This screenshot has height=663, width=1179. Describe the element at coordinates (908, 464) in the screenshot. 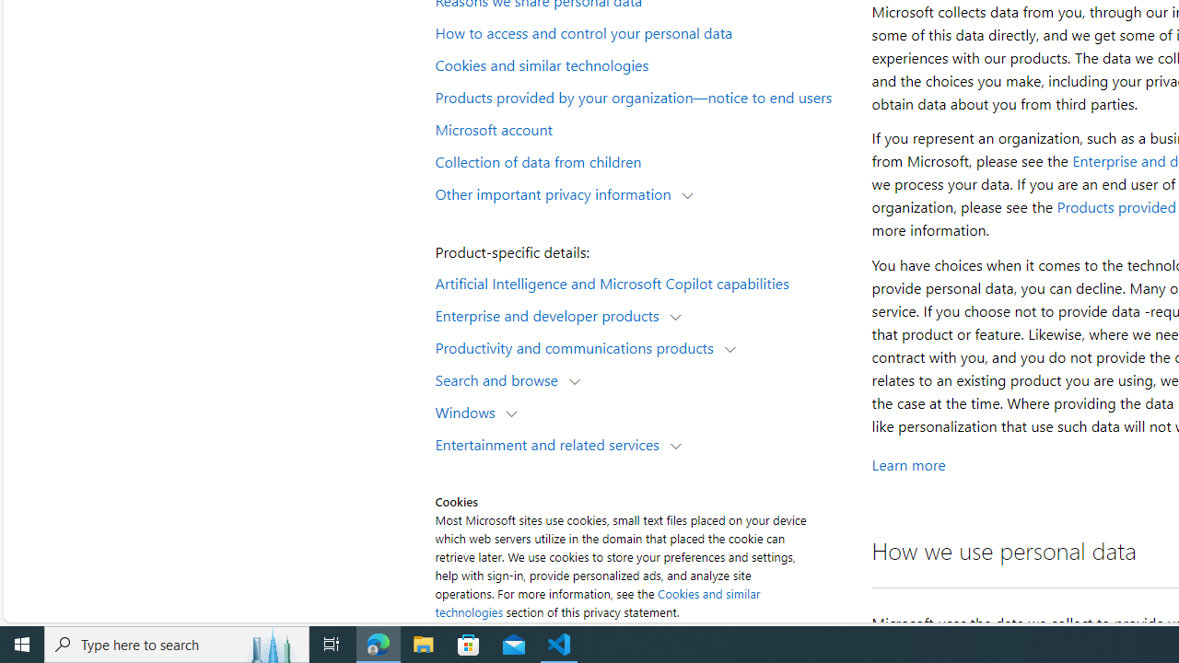

I see `'Learn more about Personal data we collect'` at that location.